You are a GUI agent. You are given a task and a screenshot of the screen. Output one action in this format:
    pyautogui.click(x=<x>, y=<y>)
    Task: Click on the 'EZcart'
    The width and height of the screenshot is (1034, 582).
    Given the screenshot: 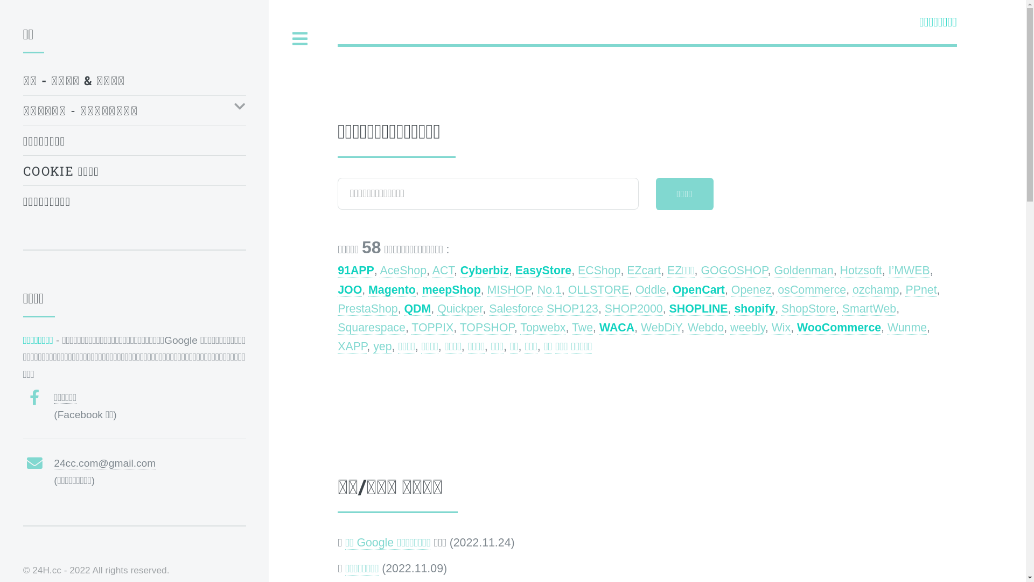 What is the action you would take?
    pyautogui.click(x=644, y=270)
    